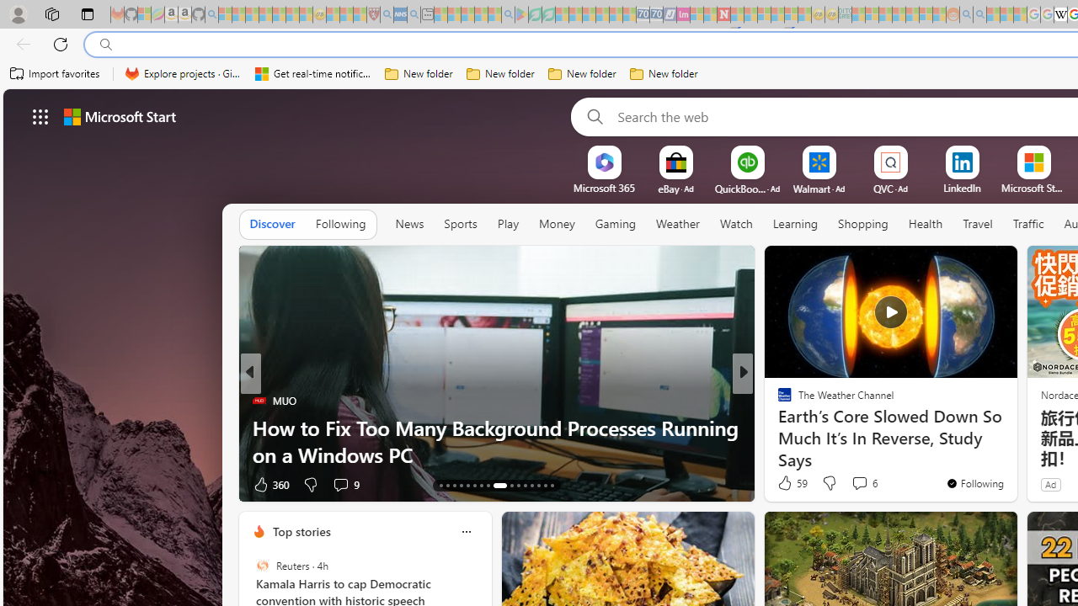 The width and height of the screenshot is (1078, 606). What do you see at coordinates (786, 484) in the screenshot?
I see `'97 Like'` at bounding box center [786, 484].